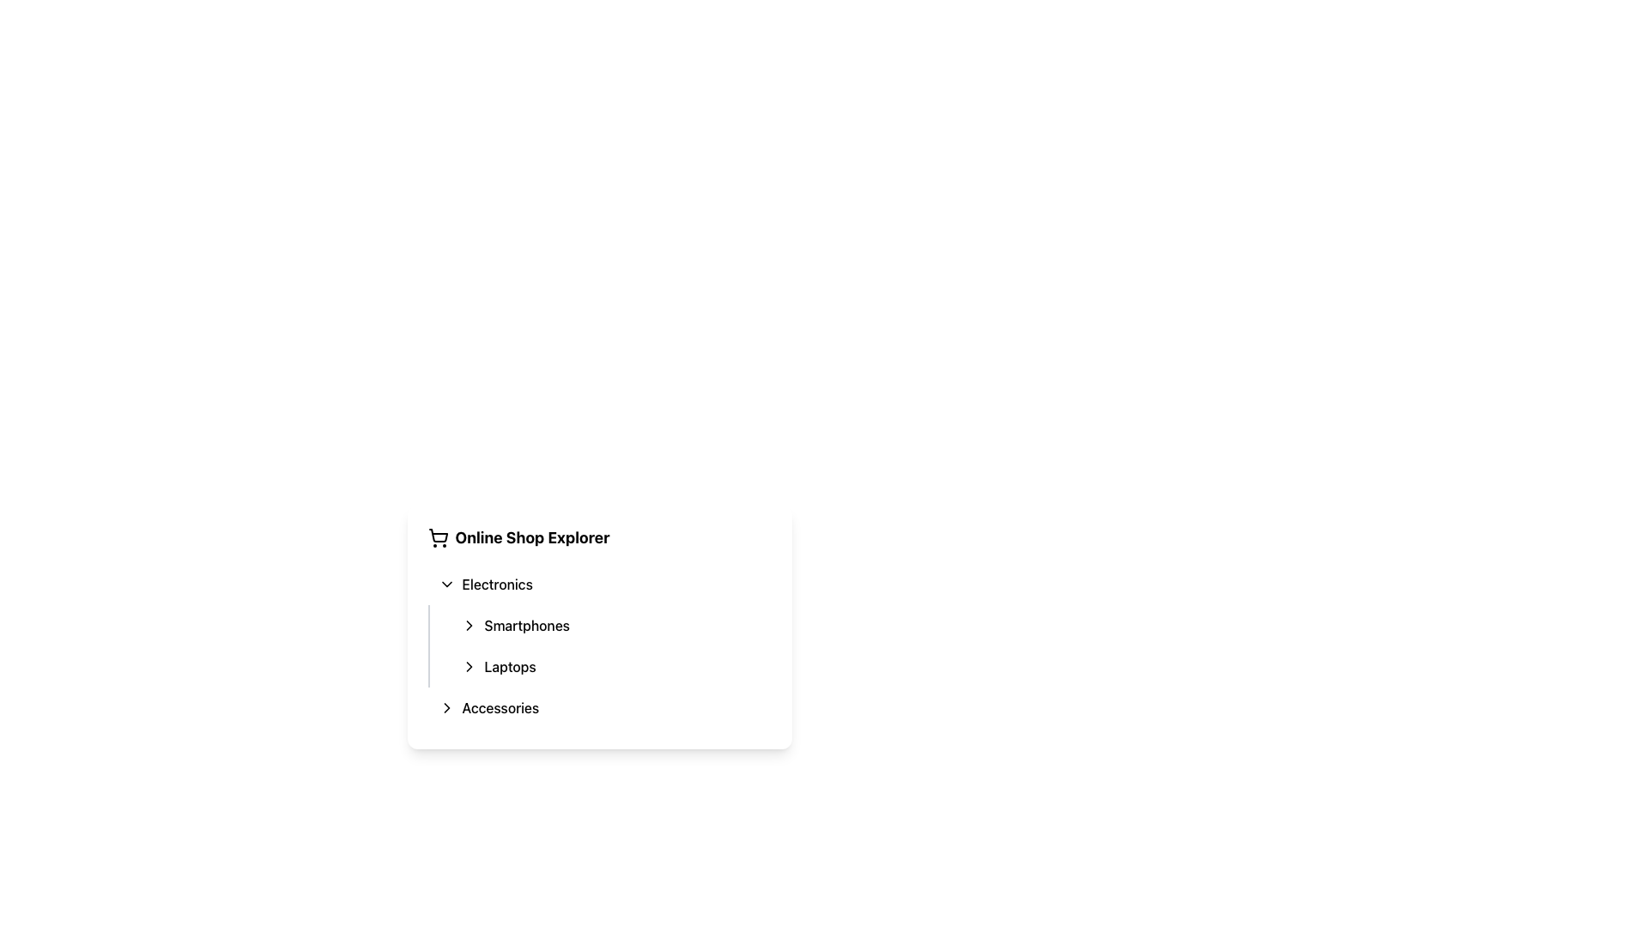 The width and height of the screenshot is (1648, 927). What do you see at coordinates (446, 708) in the screenshot?
I see `the right-pointing chevron icon` at bounding box center [446, 708].